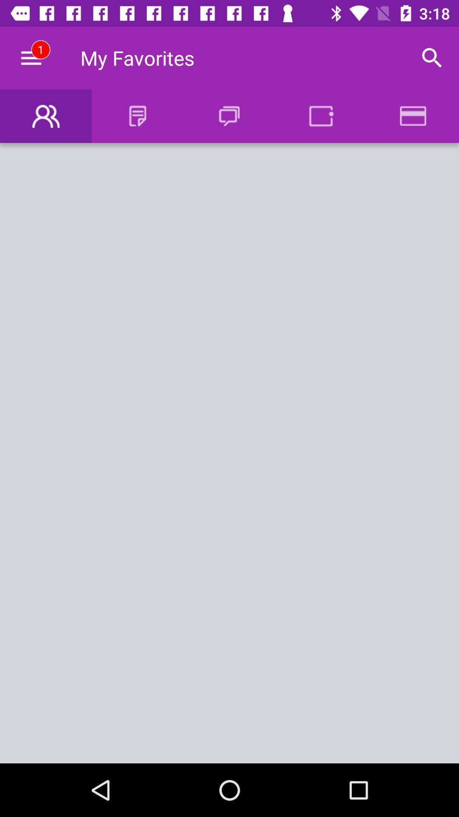 The width and height of the screenshot is (459, 817). I want to click on icon to the left of the my favorites, so click(31, 57).